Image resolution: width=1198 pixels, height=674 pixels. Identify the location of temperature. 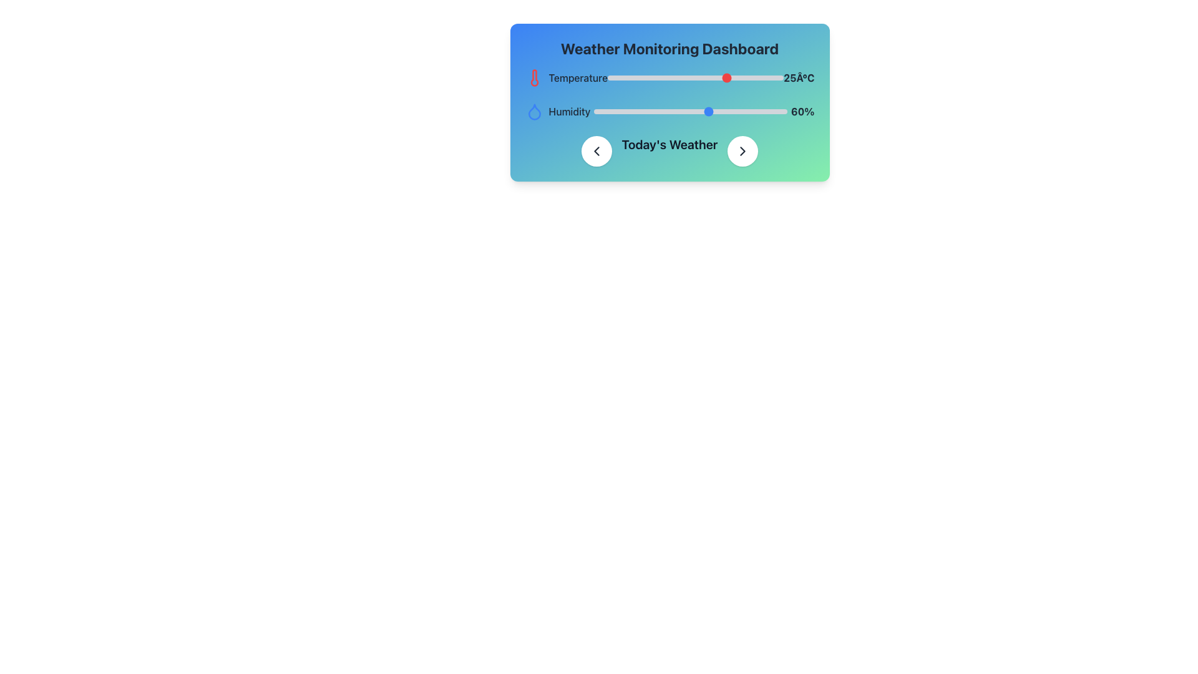
(706, 77).